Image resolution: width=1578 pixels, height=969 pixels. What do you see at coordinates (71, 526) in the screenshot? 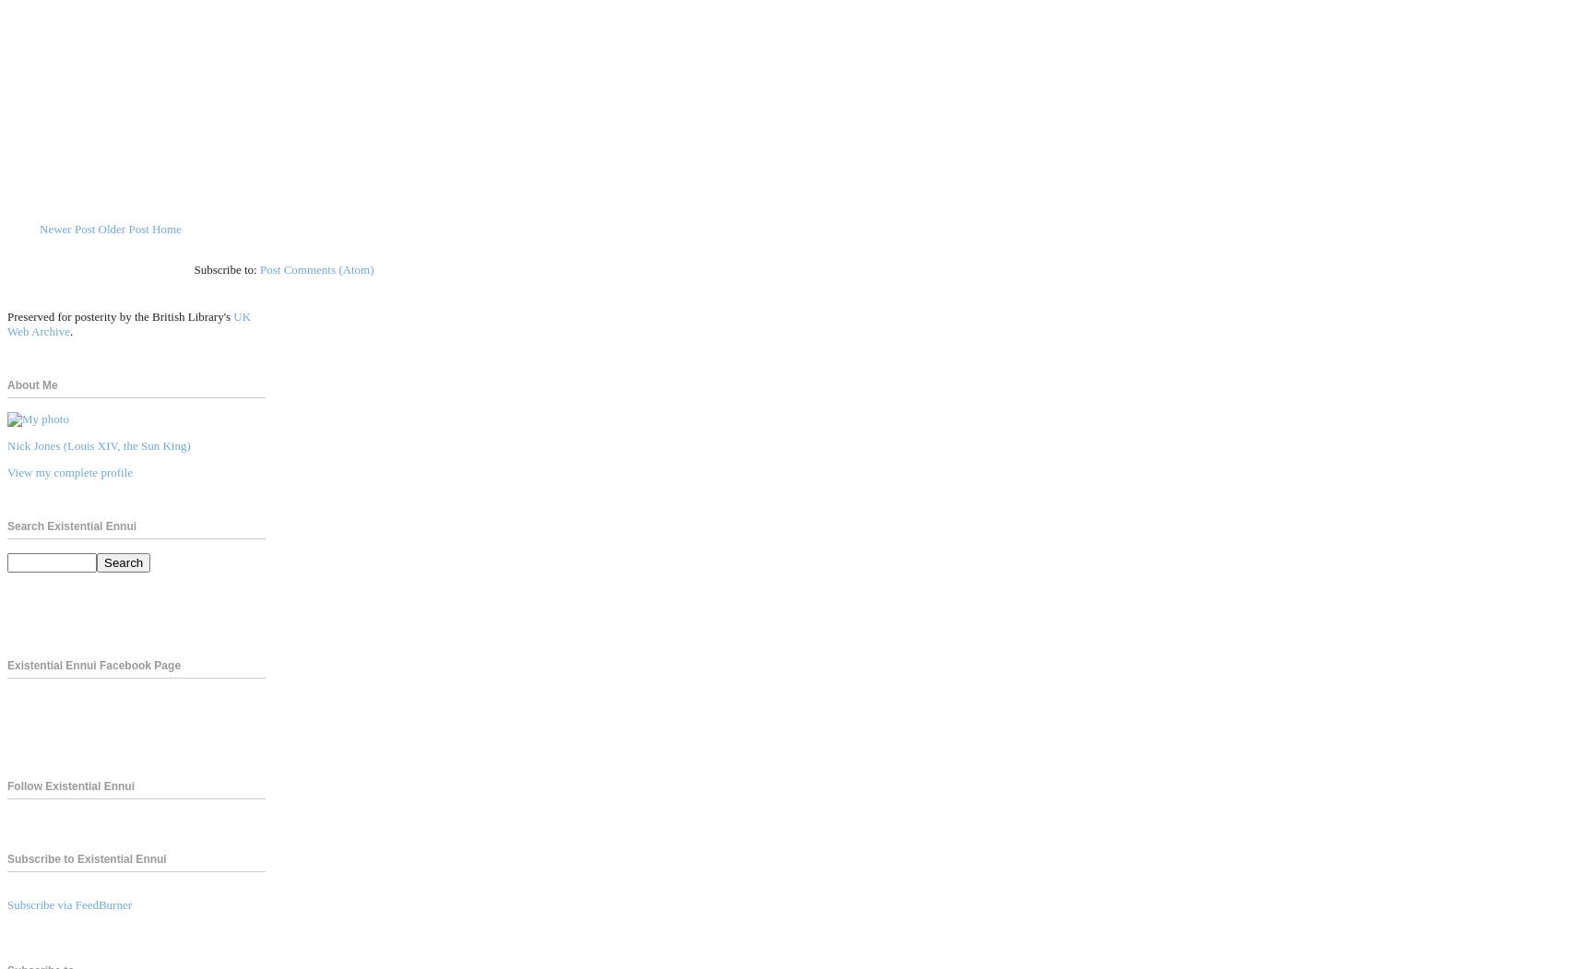
I see `'Search Existential Ennui'` at bounding box center [71, 526].